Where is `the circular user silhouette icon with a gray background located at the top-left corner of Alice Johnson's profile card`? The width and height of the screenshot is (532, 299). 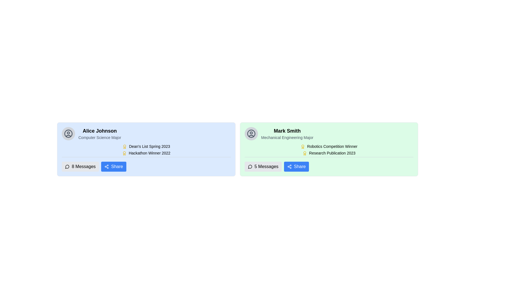 the circular user silhouette icon with a gray background located at the top-left corner of Alice Johnson's profile card is located at coordinates (68, 133).